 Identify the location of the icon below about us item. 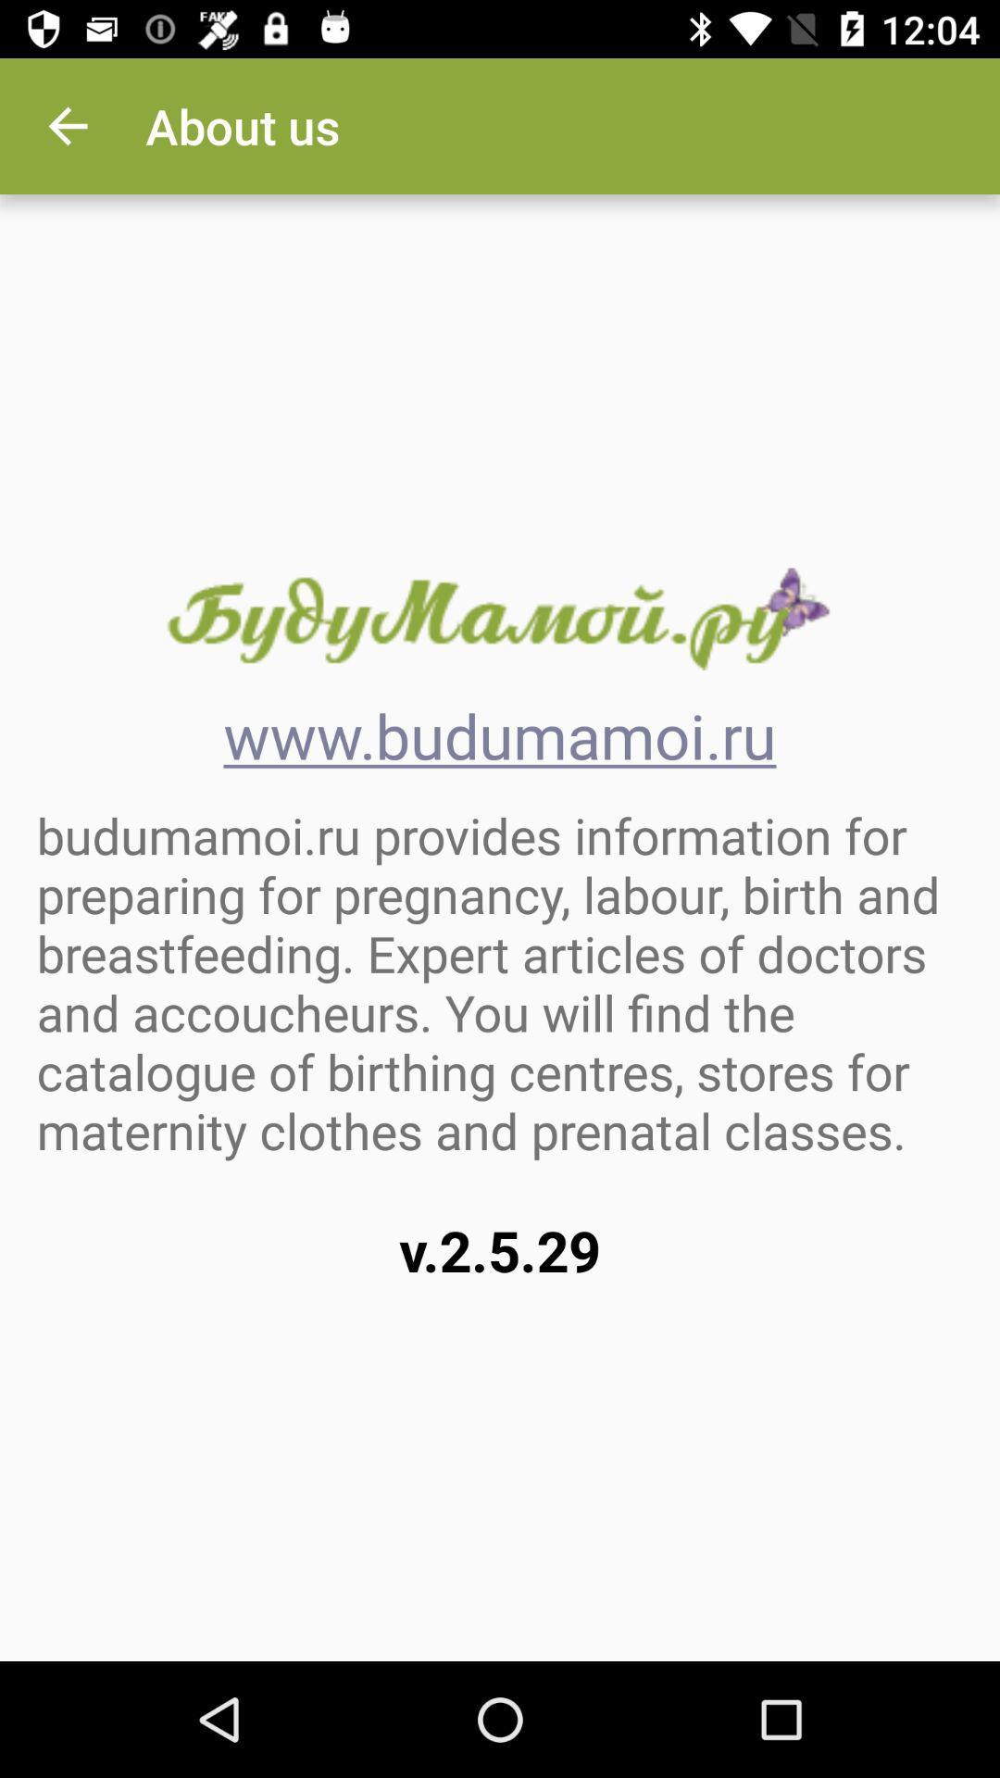
(498, 619).